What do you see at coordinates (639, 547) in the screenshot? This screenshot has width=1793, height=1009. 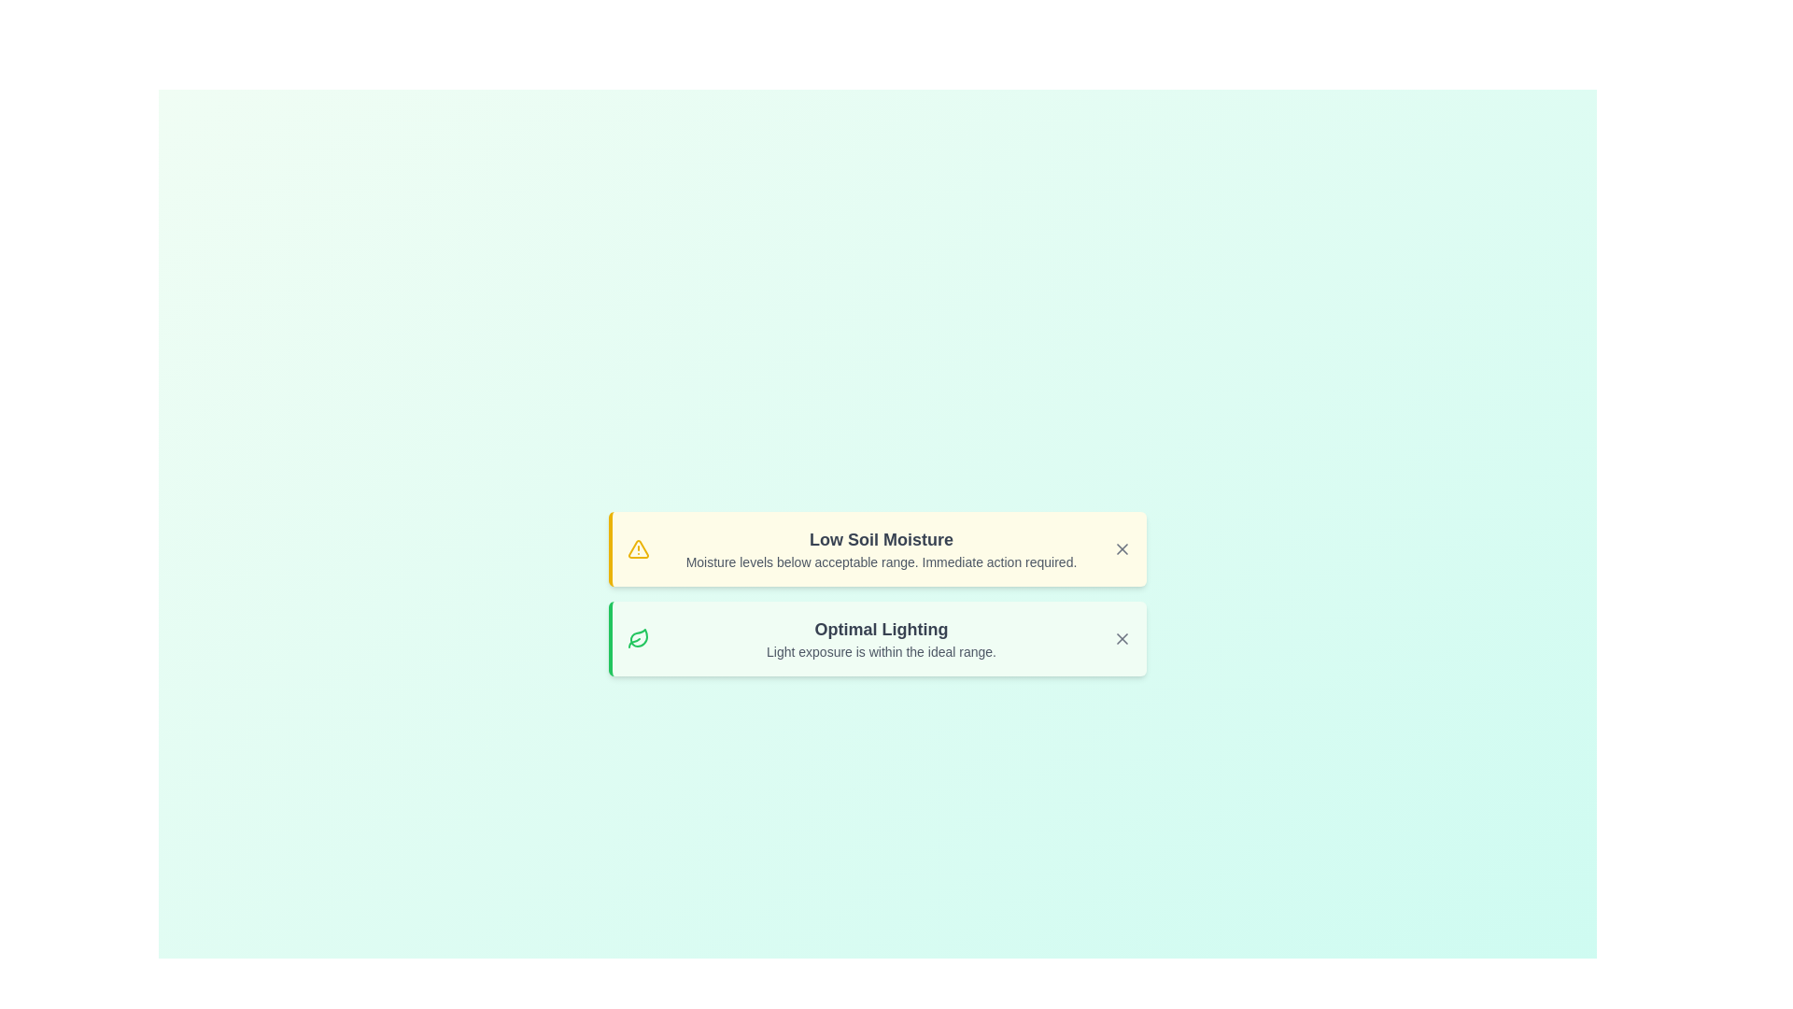 I see `the alert icon to identify its type` at bounding box center [639, 547].